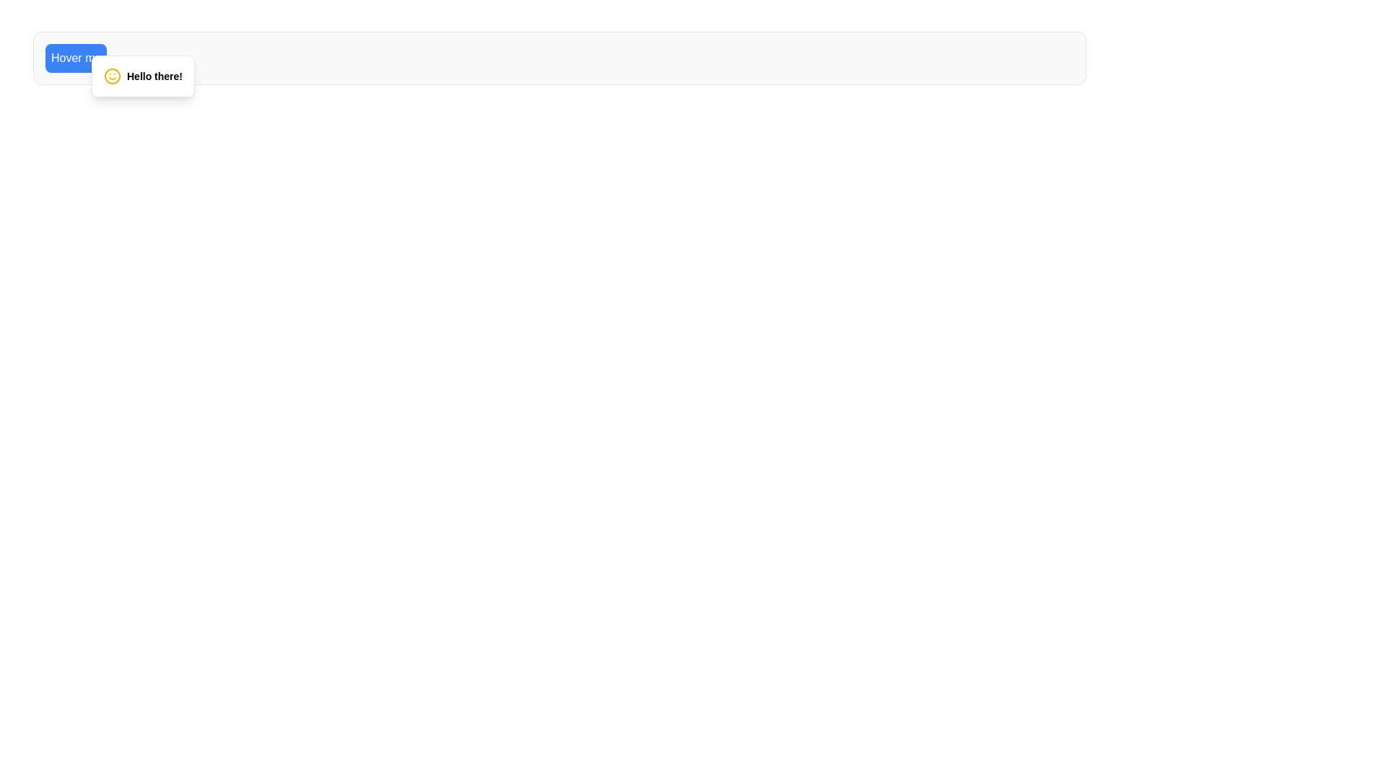 This screenshot has height=779, width=1386. Describe the element at coordinates (143, 76) in the screenshot. I see `the text inside the informational tooltip that appears to the right of the 'Hover me' button, which is centered in a white rectangular box with rounded corners` at that location.